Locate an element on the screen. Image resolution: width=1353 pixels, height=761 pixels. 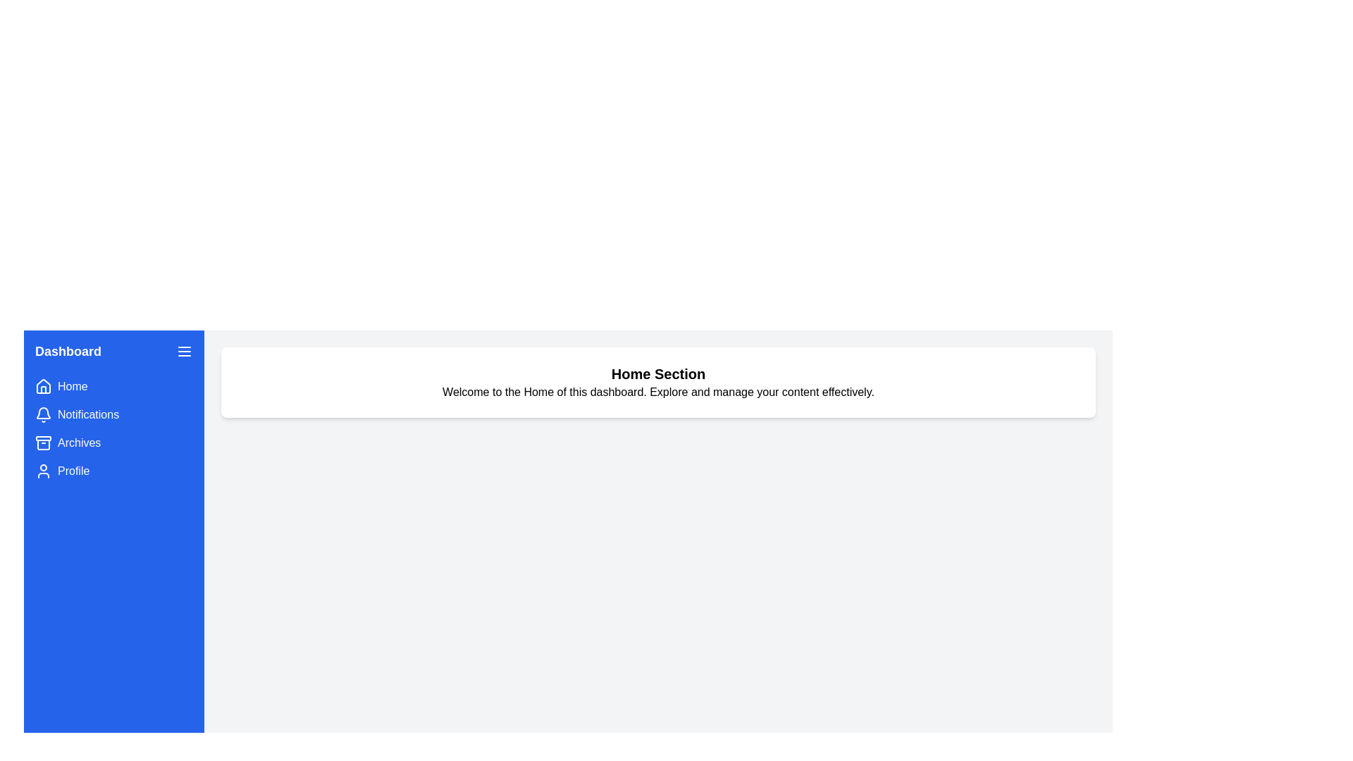
the 'Profile' navigation item located at the bottom of the vertical sidebar is located at coordinates (114, 471).